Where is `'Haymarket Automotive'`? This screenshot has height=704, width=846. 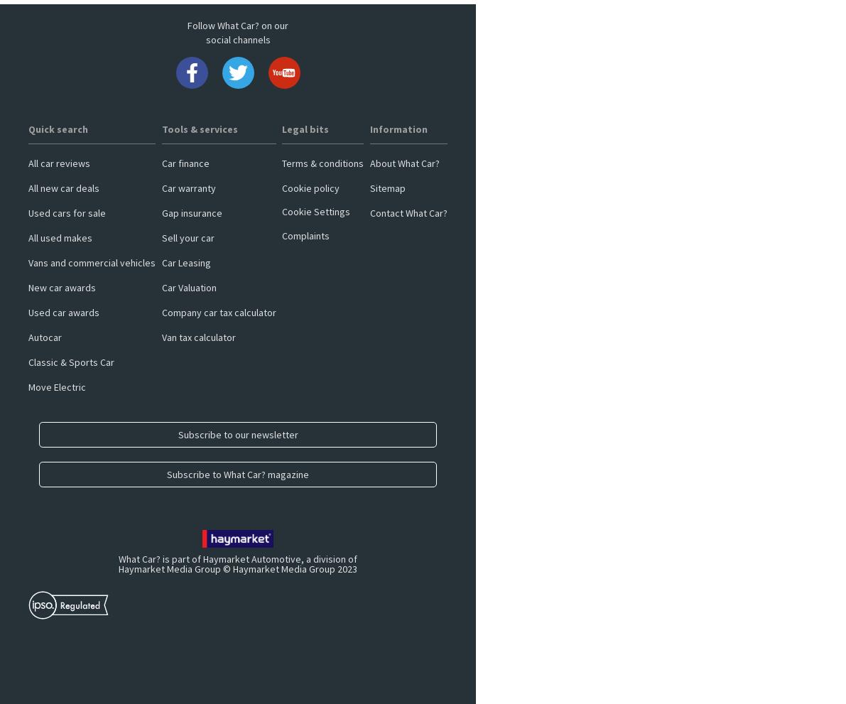
'Haymarket Automotive' is located at coordinates (202, 558).